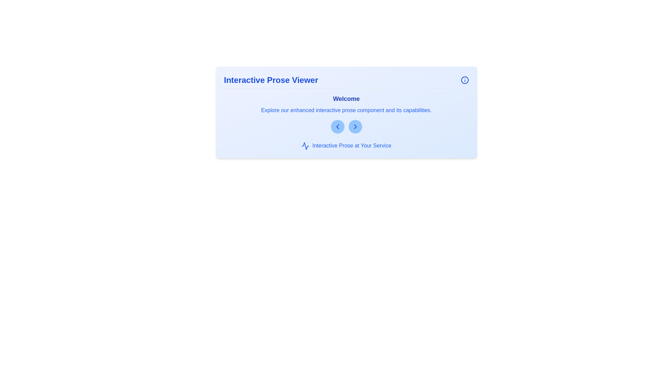 Image resolution: width=653 pixels, height=367 pixels. Describe the element at coordinates (346, 110) in the screenshot. I see `the static text element that reads 'Explore our enhanced interactive prose component and its capabilities.', which is located directly below the heading 'Welcome' in a centered box` at that location.